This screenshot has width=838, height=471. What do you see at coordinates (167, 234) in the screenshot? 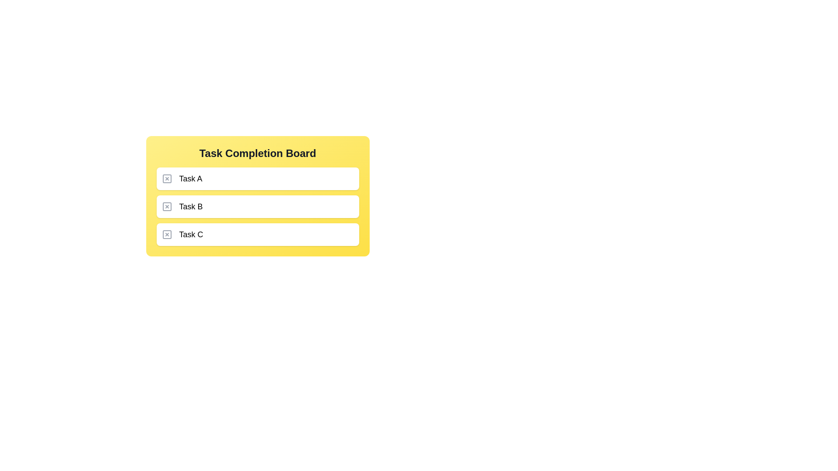
I see `the button` at bounding box center [167, 234].